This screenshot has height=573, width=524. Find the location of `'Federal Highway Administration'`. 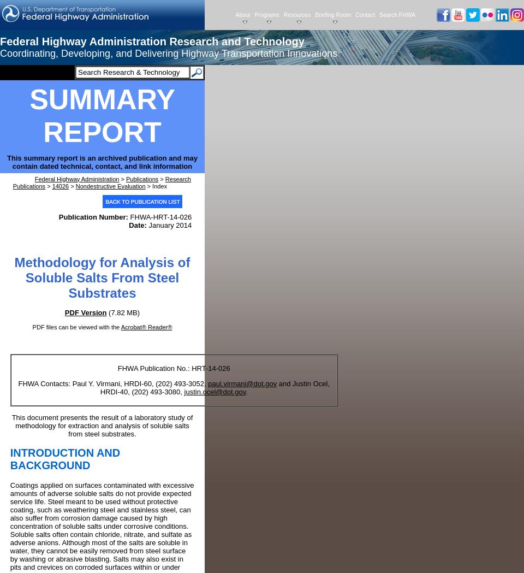

'Federal Highway Administration' is located at coordinates (76, 178).